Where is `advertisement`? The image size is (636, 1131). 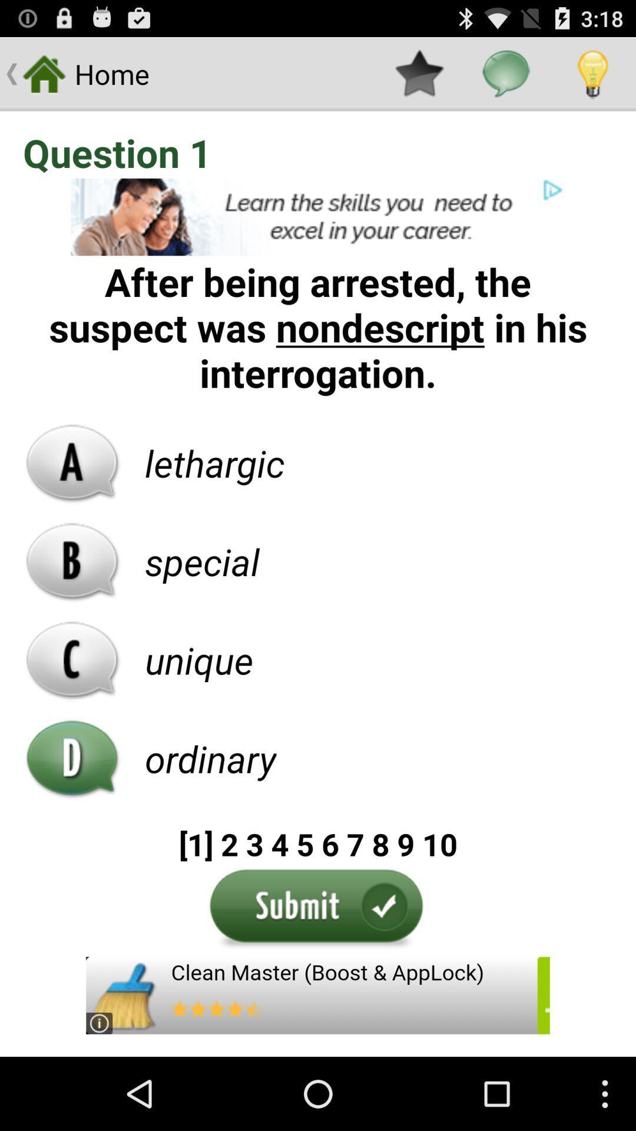 advertisement is located at coordinates (318, 995).